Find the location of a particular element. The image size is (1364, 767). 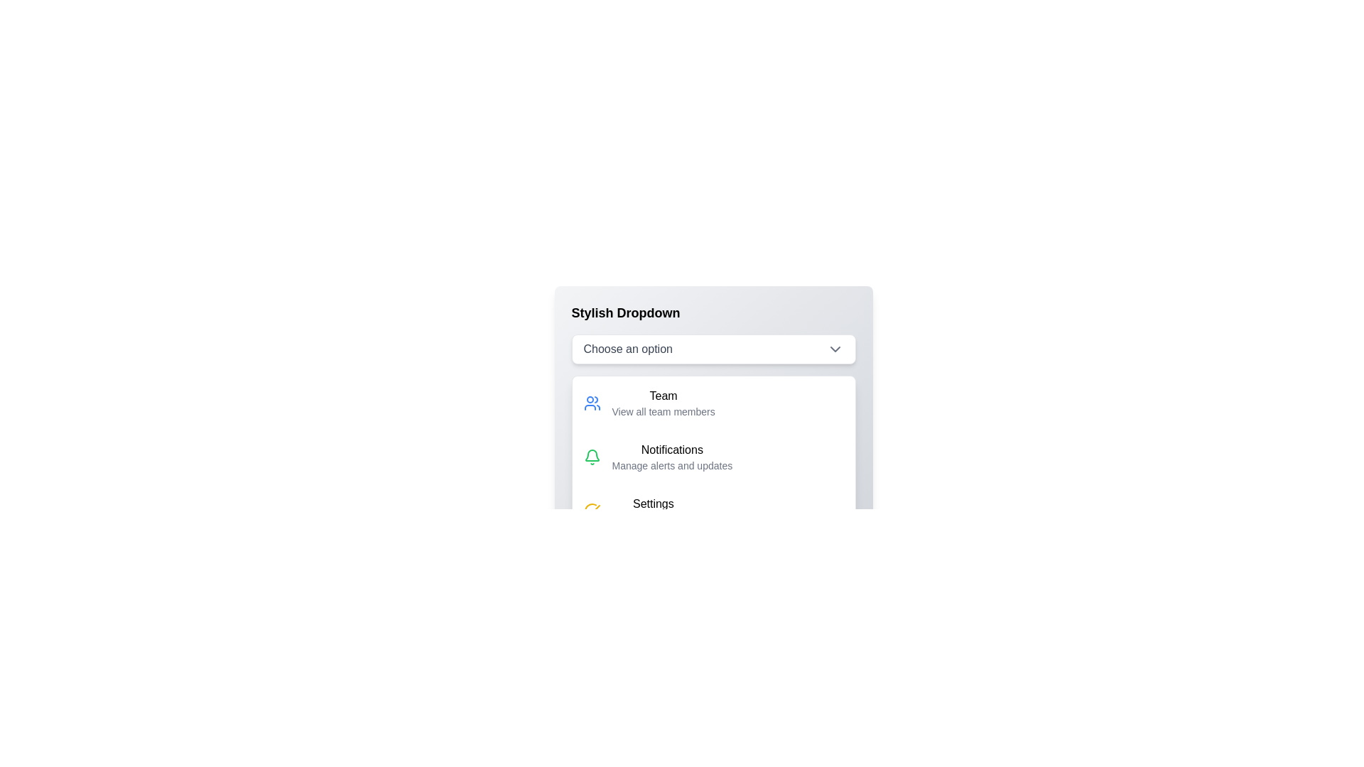

the static text that provides additional information related to 'Team', located underneath the heading 'Team' within a dropdown-like component is located at coordinates (663, 411).